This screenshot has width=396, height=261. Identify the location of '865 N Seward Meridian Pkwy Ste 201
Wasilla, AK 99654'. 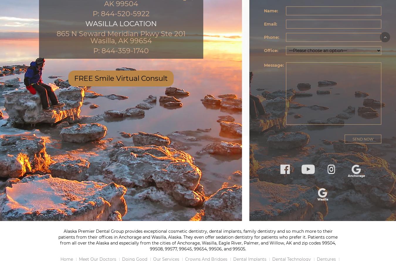
(121, 37).